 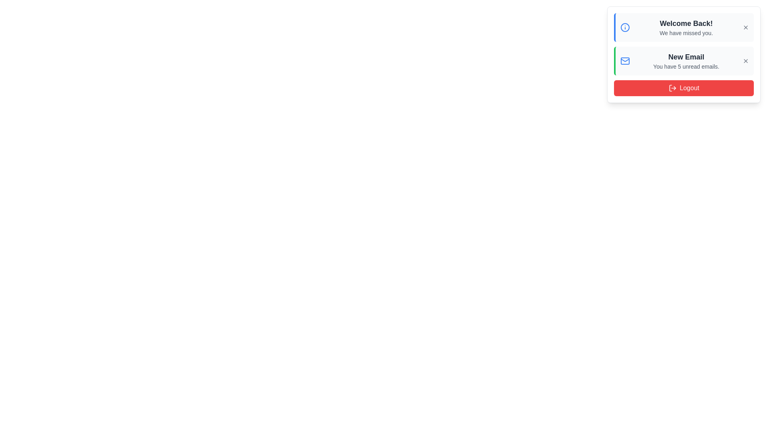 What do you see at coordinates (686, 66) in the screenshot?
I see `the Text label that displays the number of unread emails, located below the 'New Email' heading in the notification panel` at bounding box center [686, 66].